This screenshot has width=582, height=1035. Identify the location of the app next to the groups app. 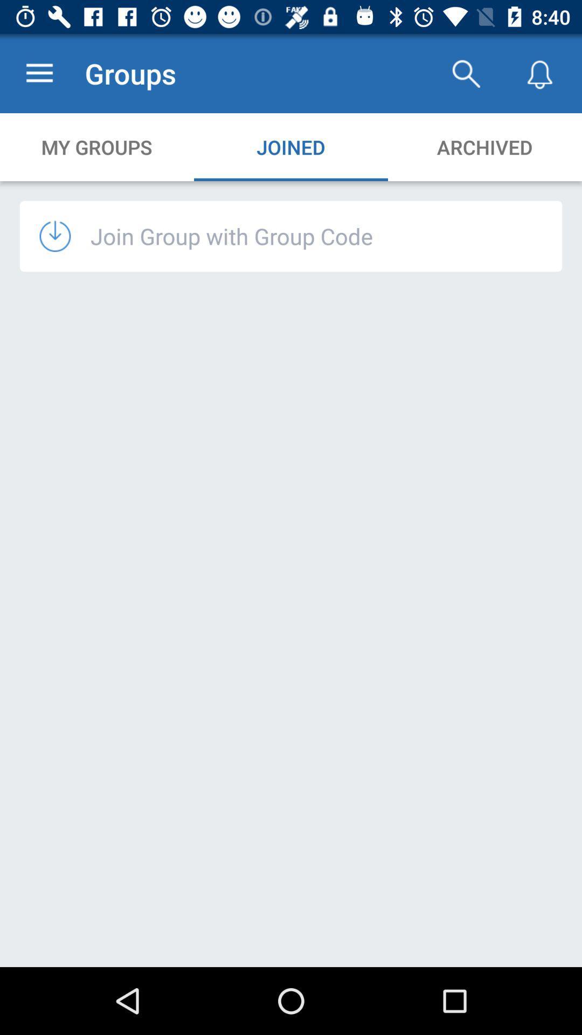
(465, 73).